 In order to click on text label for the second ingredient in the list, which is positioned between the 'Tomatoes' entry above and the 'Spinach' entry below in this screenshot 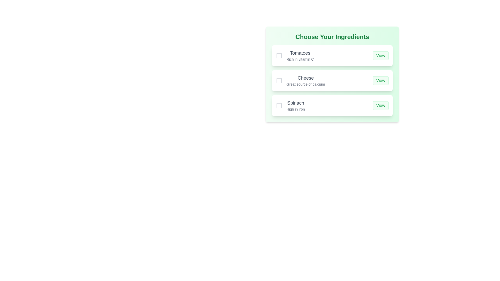, I will do `click(305, 78)`.